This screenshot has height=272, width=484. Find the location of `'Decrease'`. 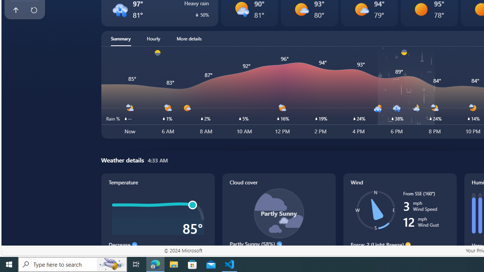

'Decrease' is located at coordinates (134, 245).